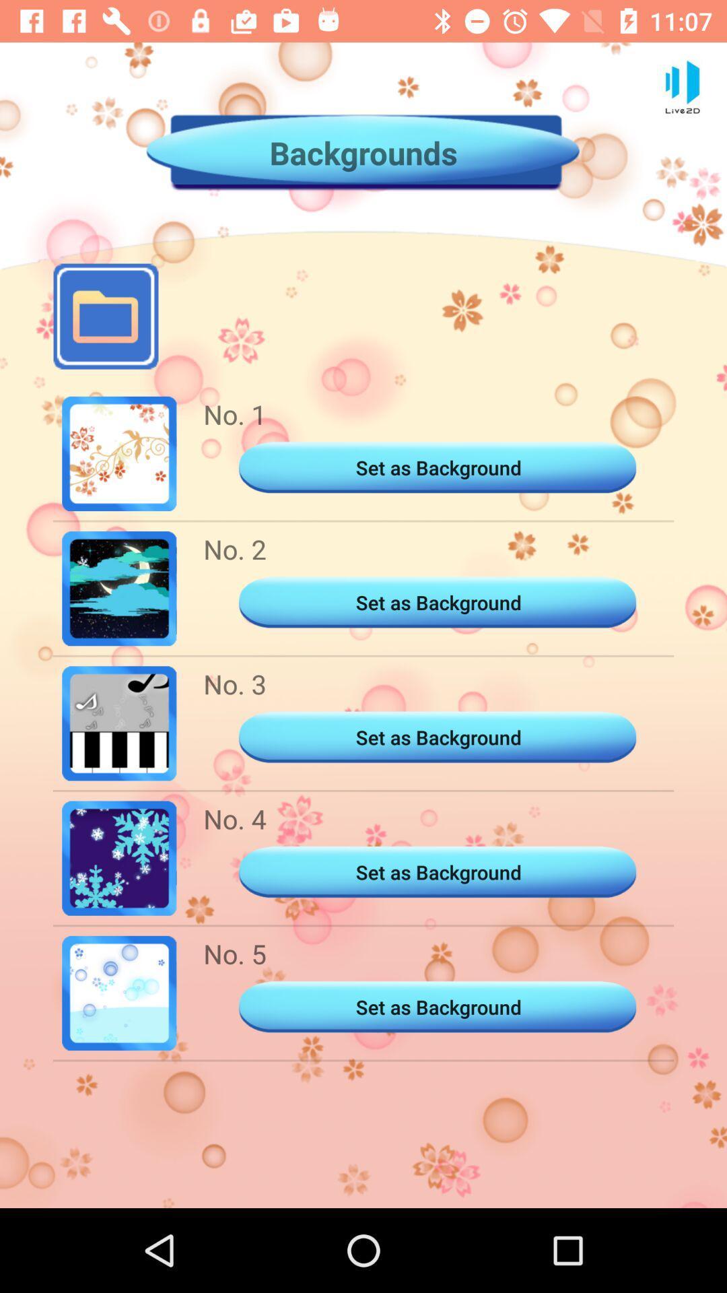 Image resolution: width=727 pixels, height=1293 pixels. I want to click on files, so click(105, 316).